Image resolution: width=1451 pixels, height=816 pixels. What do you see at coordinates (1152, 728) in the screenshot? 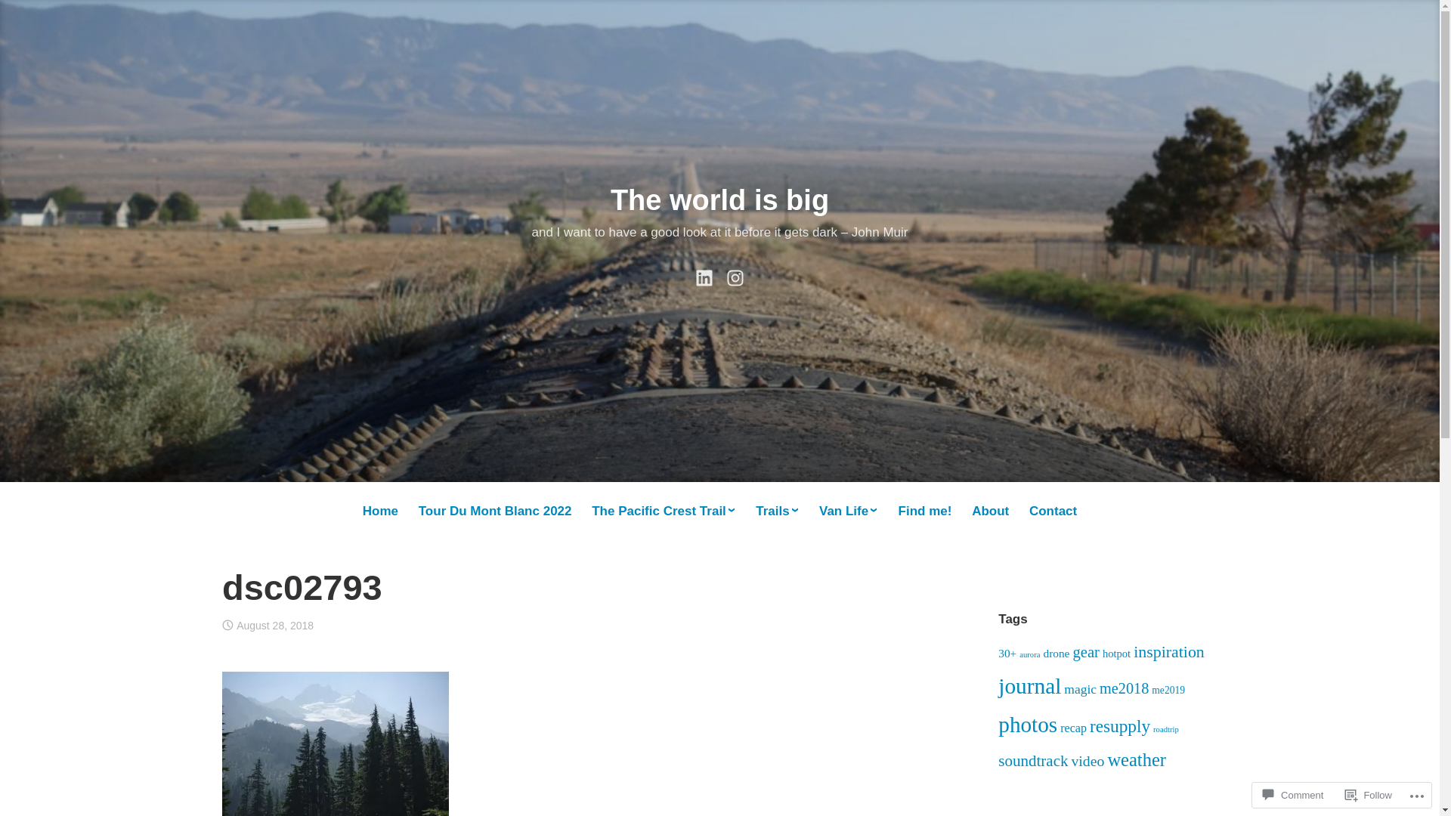
I see `'roadtrip'` at bounding box center [1152, 728].